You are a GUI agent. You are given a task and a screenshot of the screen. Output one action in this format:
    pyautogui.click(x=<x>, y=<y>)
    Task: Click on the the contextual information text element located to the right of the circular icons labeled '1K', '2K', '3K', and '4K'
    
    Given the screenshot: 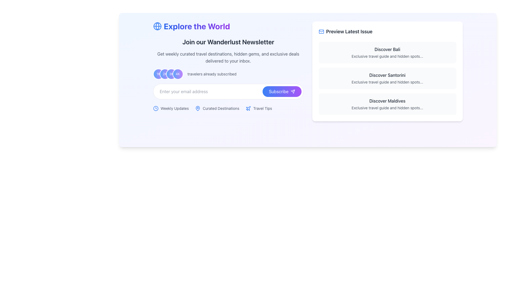 What is the action you would take?
    pyautogui.click(x=212, y=74)
    